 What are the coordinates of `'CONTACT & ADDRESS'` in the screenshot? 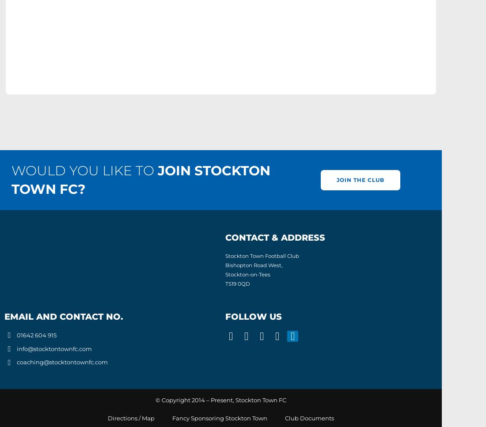 It's located at (275, 238).